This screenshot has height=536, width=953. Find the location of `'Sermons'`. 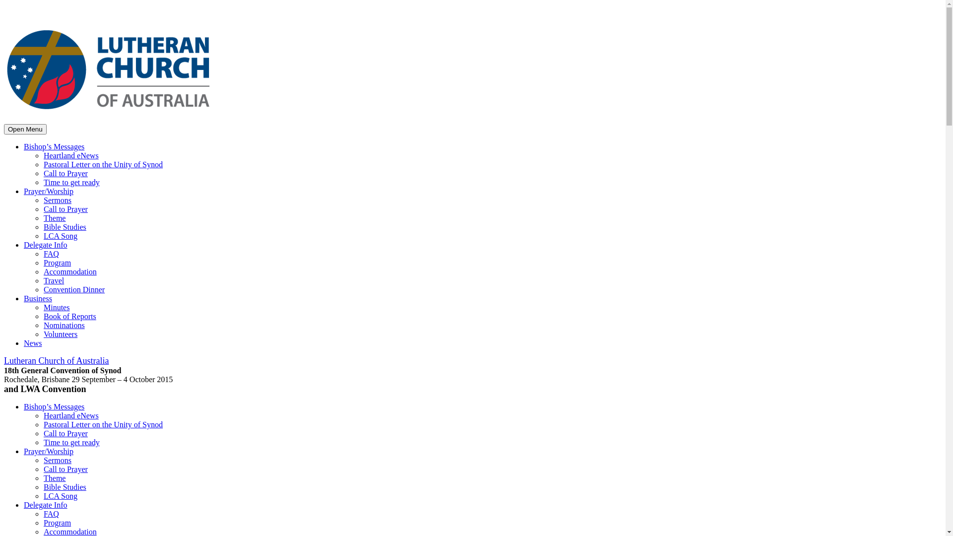

'Sermons' is located at coordinates (57, 200).